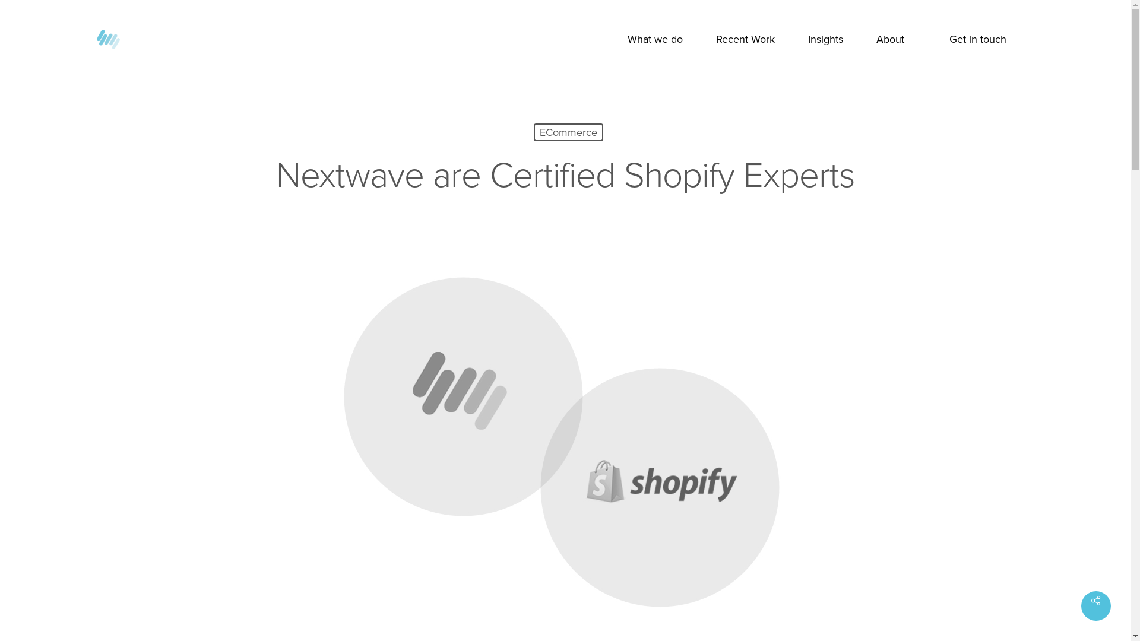  What do you see at coordinates (824, 39) in the screenshot?
I see `'Insights'` at bounding box center [824, 39].